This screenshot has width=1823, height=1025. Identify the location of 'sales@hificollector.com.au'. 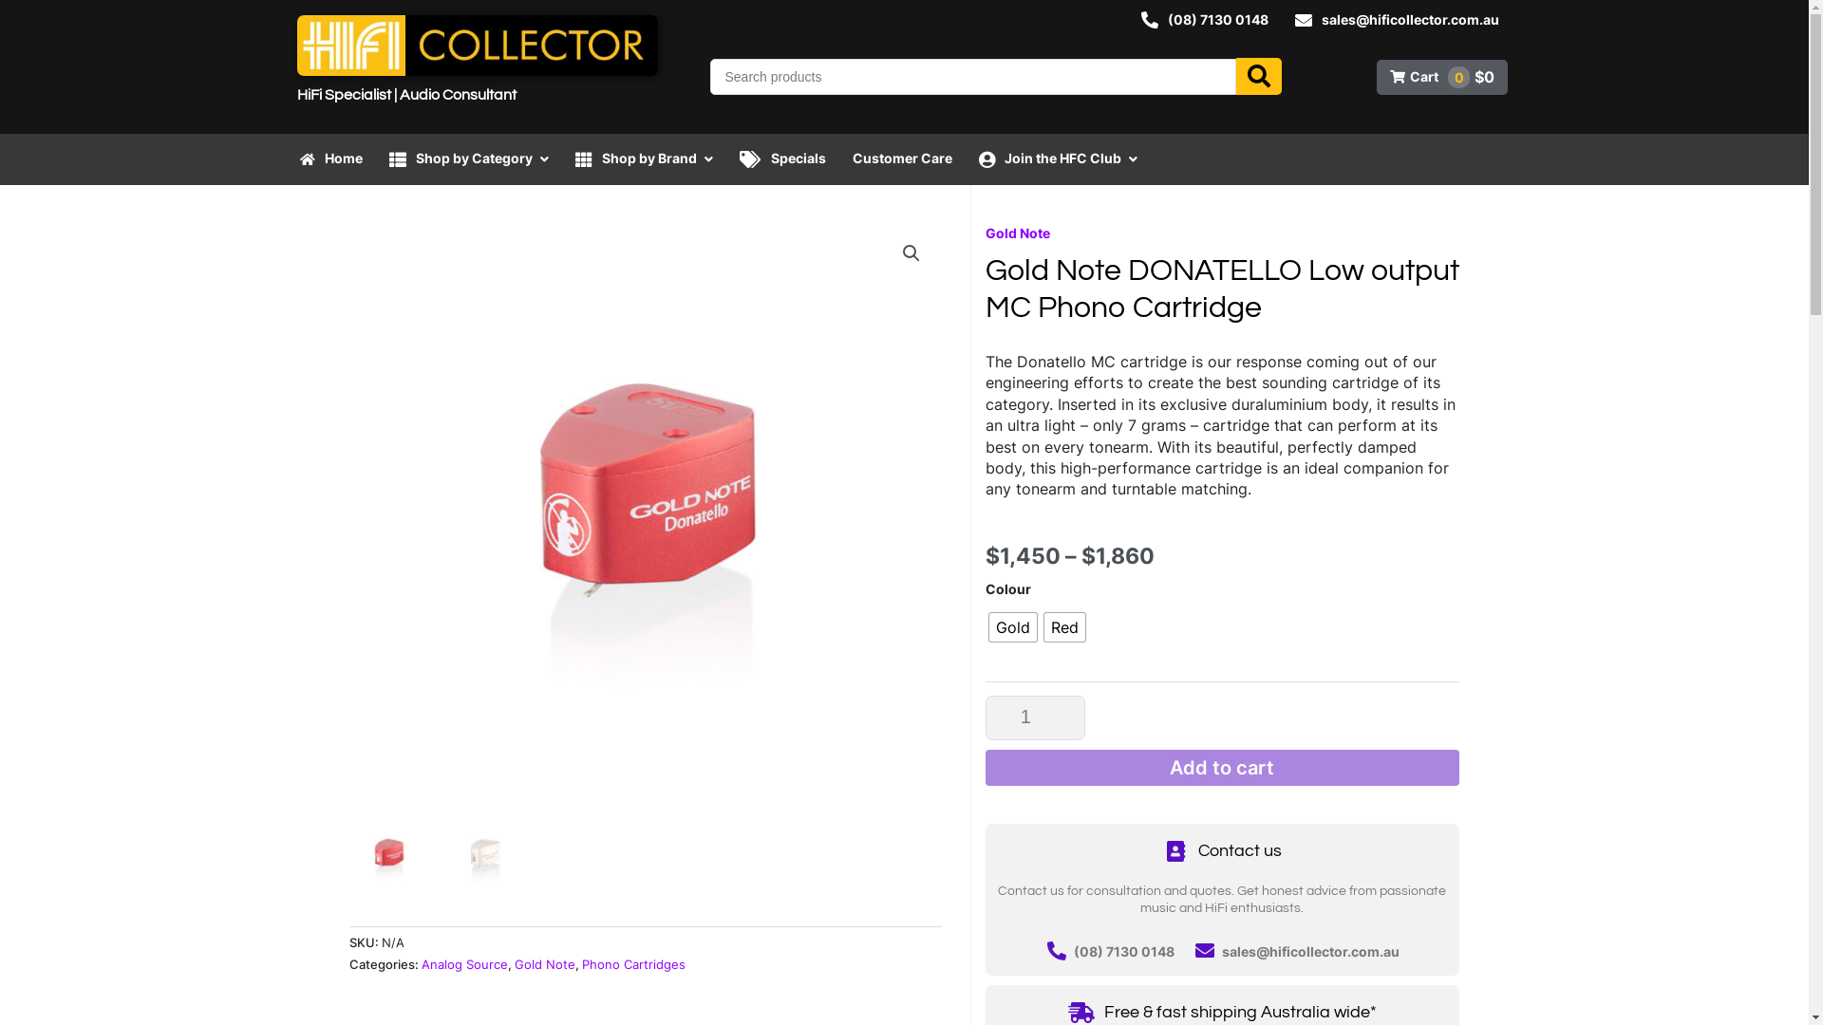
(1221, 951).